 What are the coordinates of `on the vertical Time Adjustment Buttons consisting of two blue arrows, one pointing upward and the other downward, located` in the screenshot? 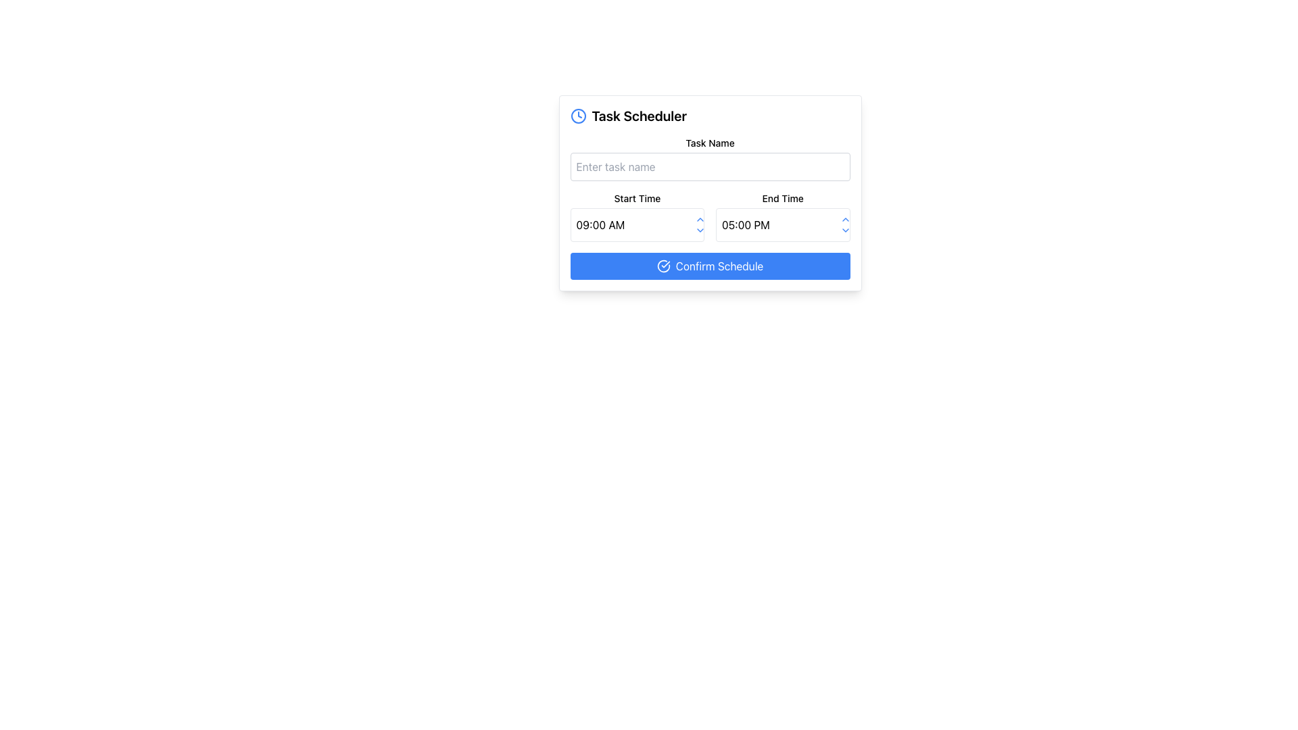 It's located at (844, 224).